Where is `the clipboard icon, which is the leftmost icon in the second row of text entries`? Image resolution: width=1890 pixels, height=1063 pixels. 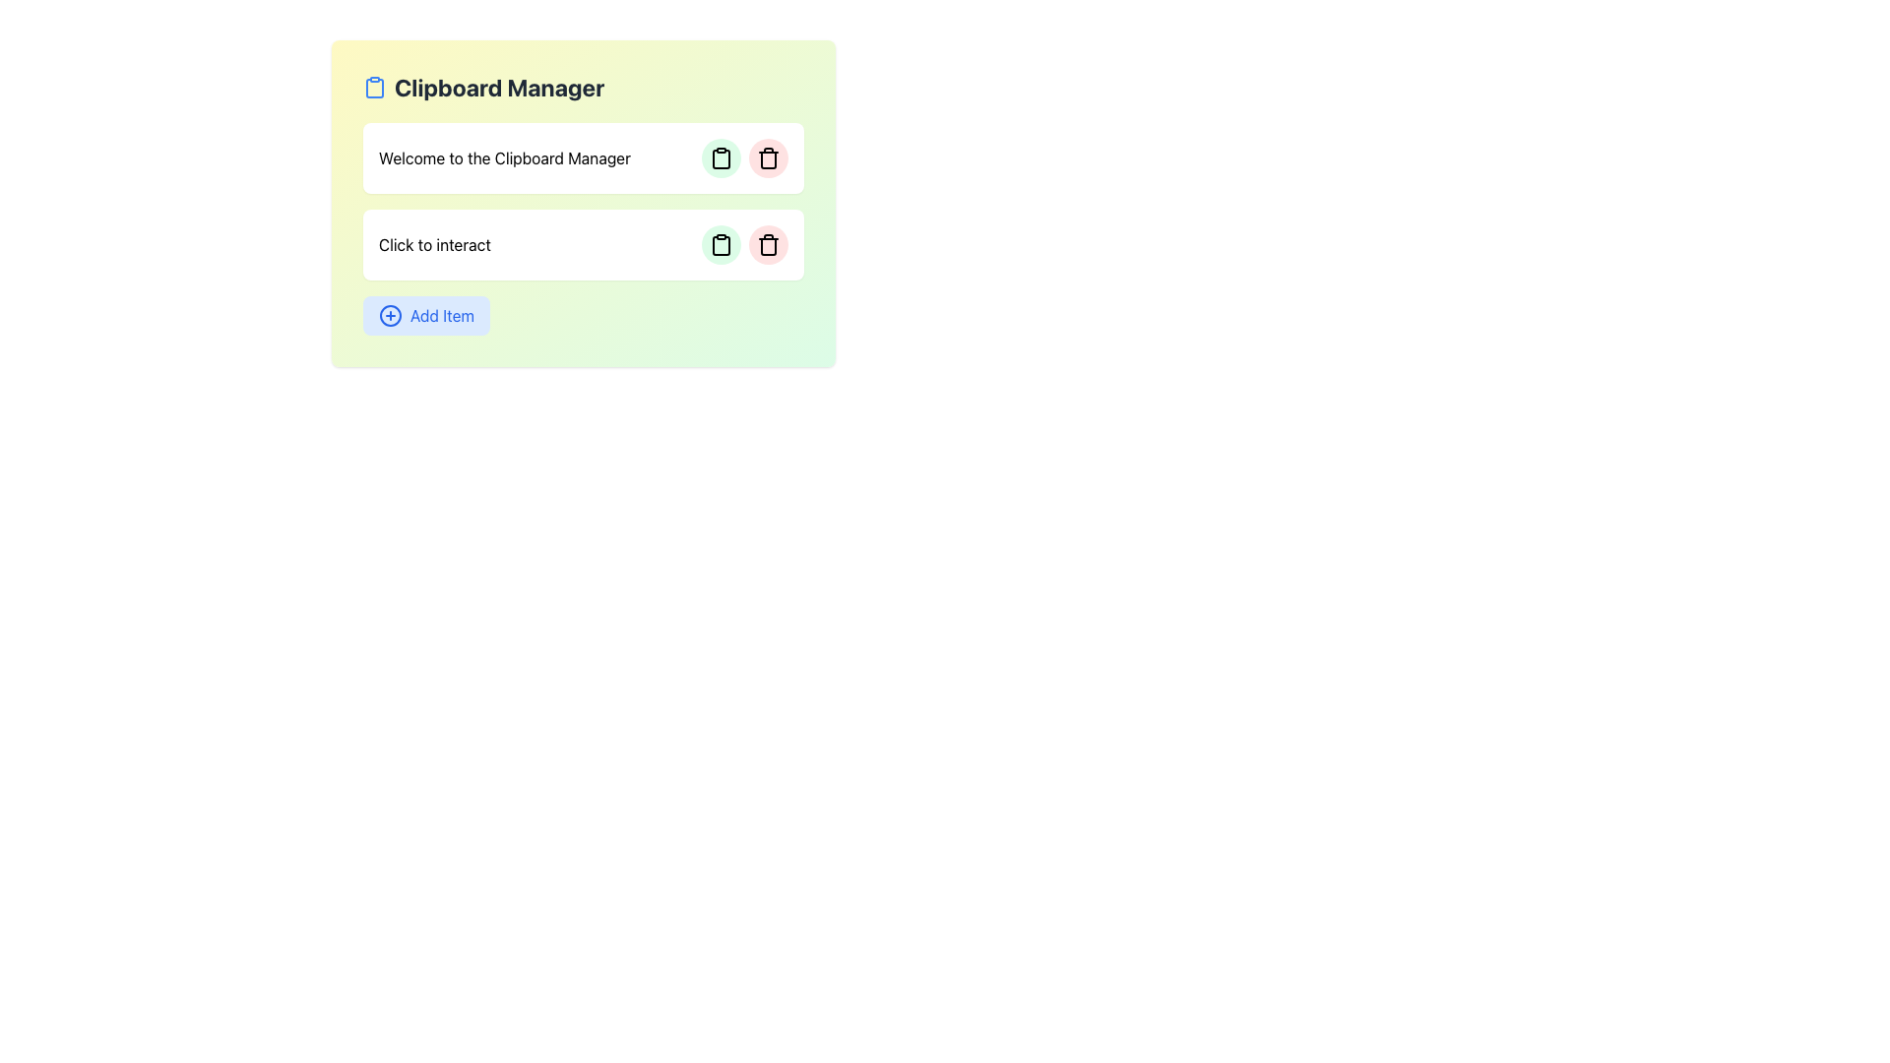 the clipboard icon, which is the leftmost icon in the second row of text entries is located at coordinates (721, 158).